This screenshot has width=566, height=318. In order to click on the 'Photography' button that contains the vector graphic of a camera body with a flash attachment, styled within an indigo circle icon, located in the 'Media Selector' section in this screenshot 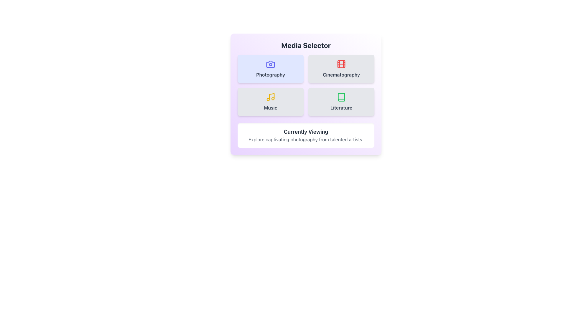, I will do `click(270, 64)`.